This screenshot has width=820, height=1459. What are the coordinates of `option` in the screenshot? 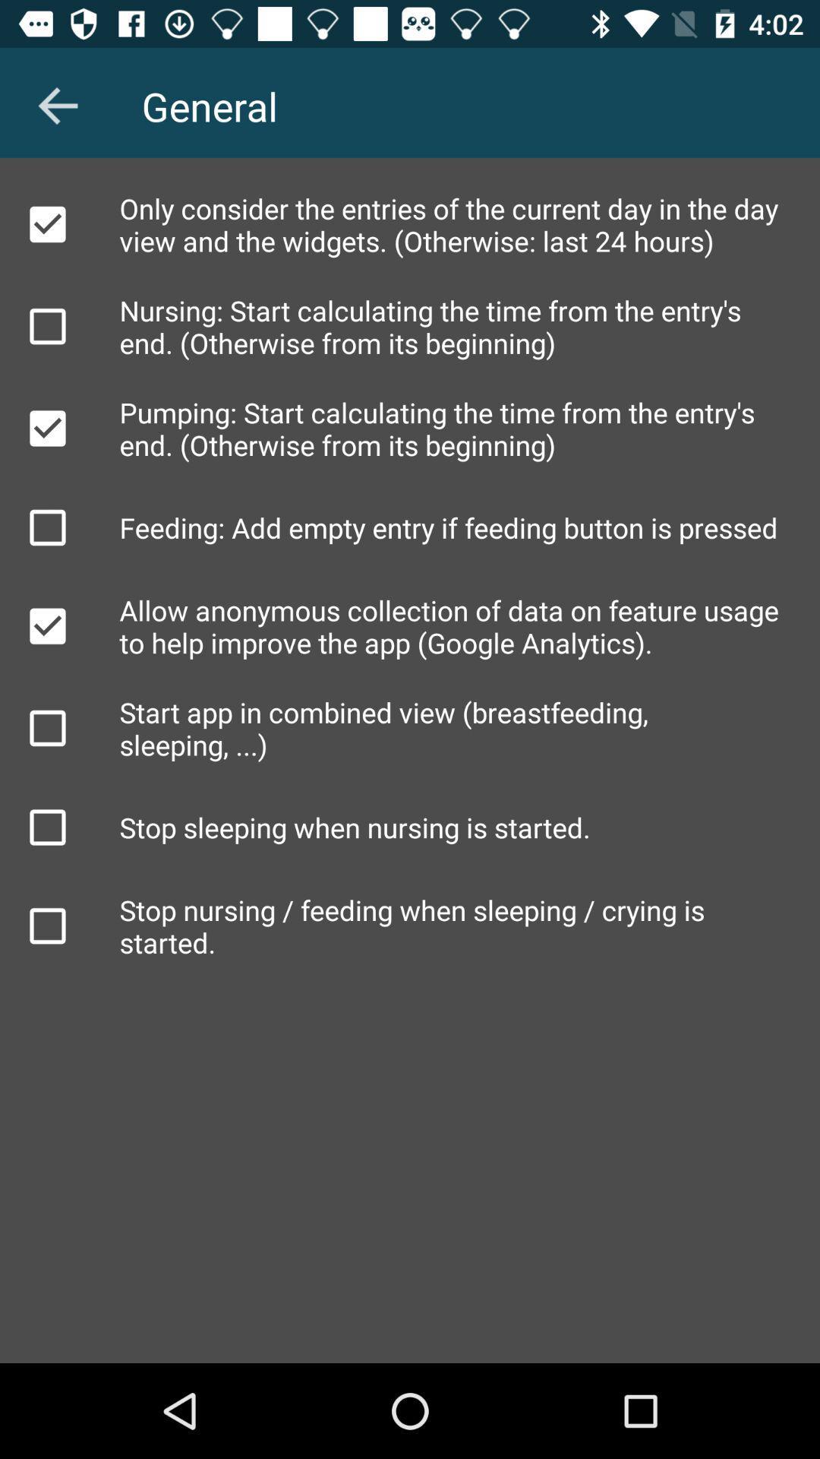 It's located at (46, 325).